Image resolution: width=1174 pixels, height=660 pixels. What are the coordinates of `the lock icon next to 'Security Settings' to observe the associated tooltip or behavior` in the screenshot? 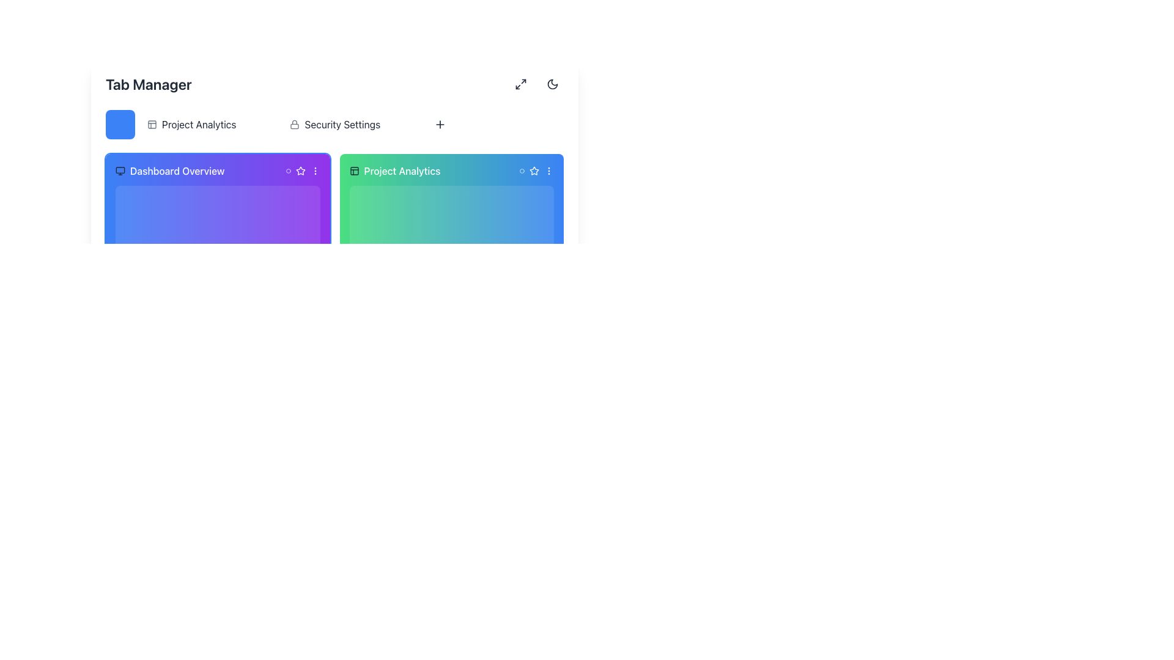 It's located at (295, 125).